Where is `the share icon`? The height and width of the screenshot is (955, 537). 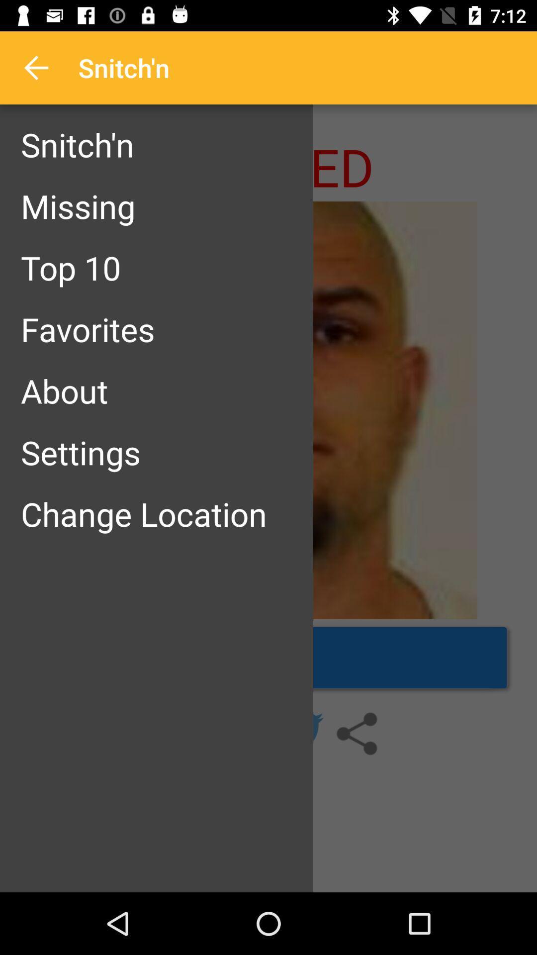
the share icon is located at coordinates (356, 734).